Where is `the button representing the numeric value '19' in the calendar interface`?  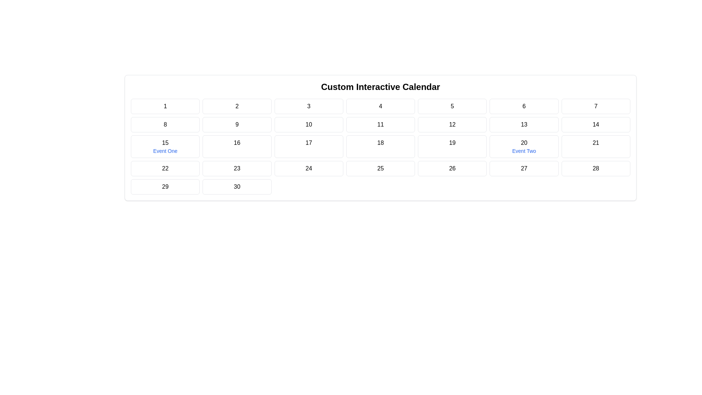 the button representing the numeric value '19' in the calendar interface is located at coordinates (452, 147).